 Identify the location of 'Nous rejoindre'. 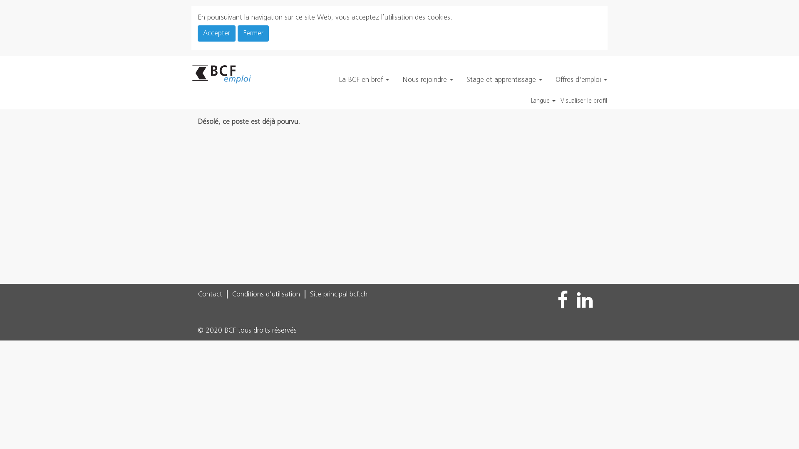
(427, 80).